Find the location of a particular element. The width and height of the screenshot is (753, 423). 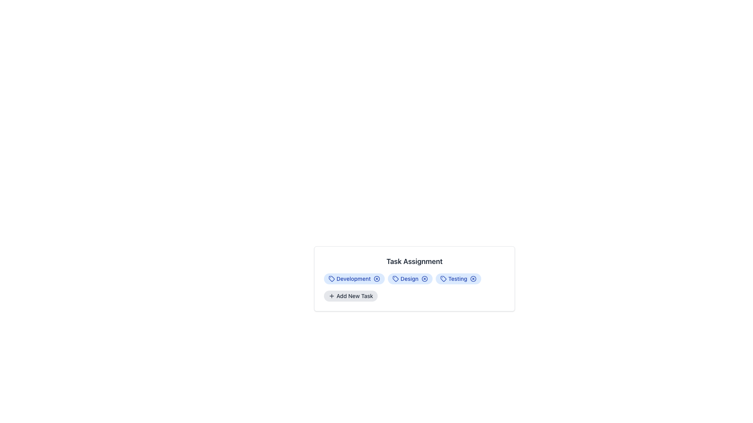

the 'X' button of the 'Design' tag, which is a pill-shaped interactive element located under the 'Task Assignment' heading is located at coordinates (414, 278).